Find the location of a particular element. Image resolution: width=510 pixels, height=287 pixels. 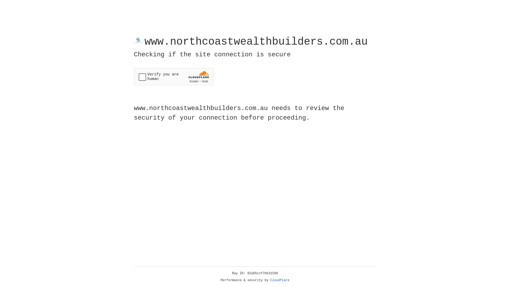

'Cloudflare' is located at coordinates (280, 280).